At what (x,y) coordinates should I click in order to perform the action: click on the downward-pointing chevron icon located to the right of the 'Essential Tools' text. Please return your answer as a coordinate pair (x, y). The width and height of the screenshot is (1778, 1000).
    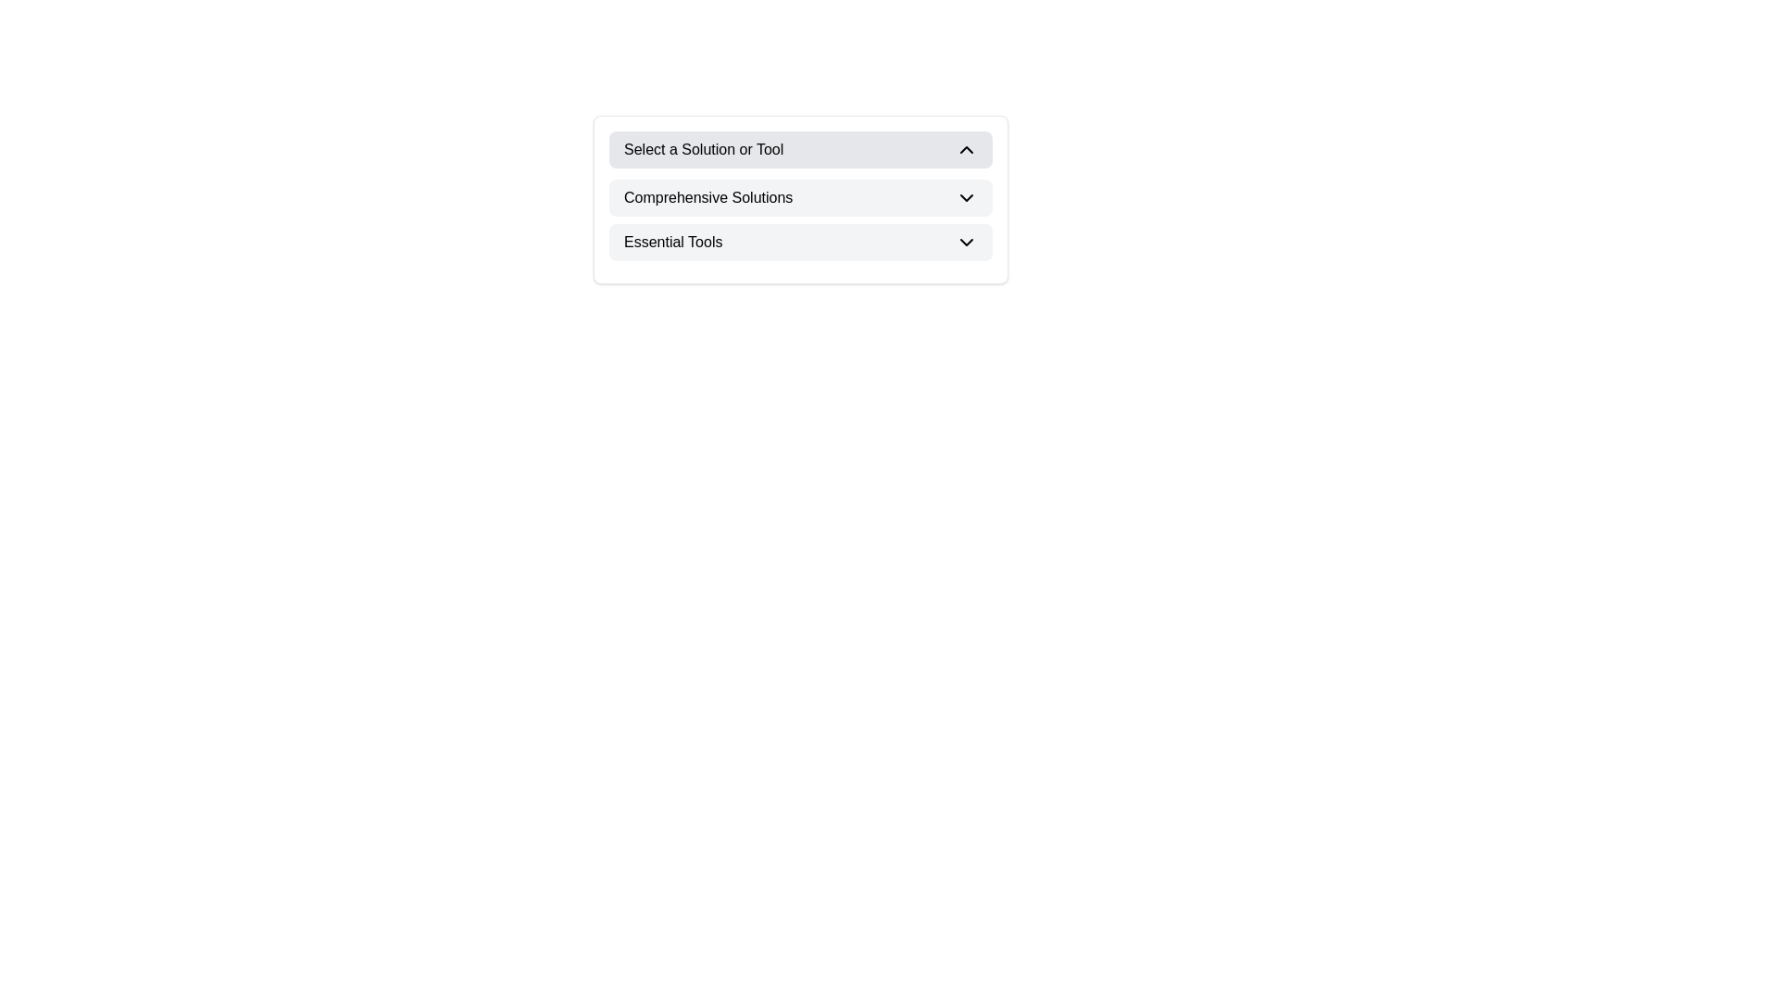
    Looking at the image, I should click on (965, 242).